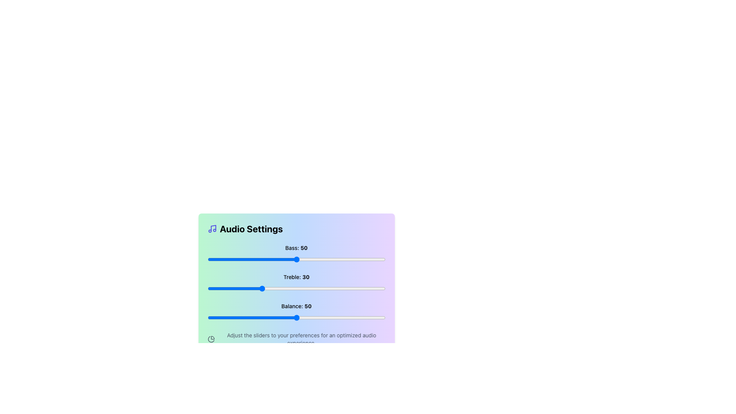 Image resolution: width=736 pixels, height=414 pixels. Describe the element at coordinates (327, 318) in the screenshot. I see `balance` at that location.